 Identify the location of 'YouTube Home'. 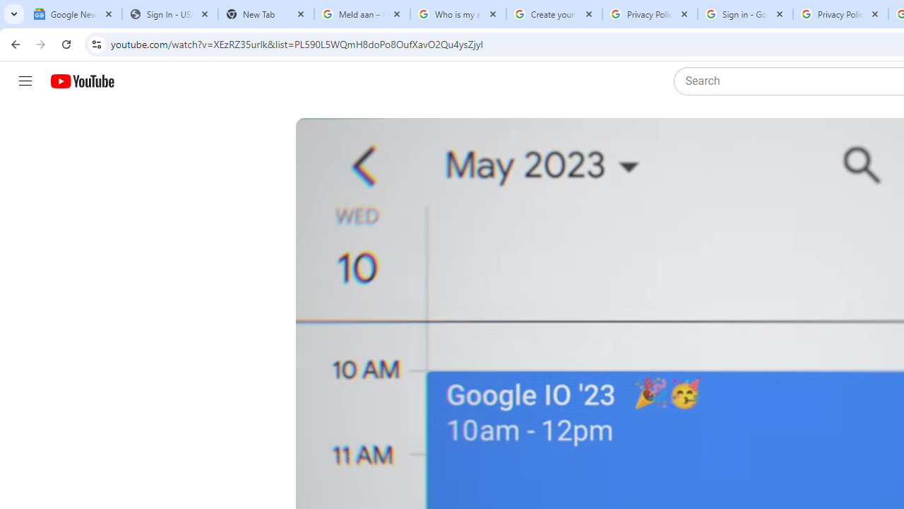
(81, 81).